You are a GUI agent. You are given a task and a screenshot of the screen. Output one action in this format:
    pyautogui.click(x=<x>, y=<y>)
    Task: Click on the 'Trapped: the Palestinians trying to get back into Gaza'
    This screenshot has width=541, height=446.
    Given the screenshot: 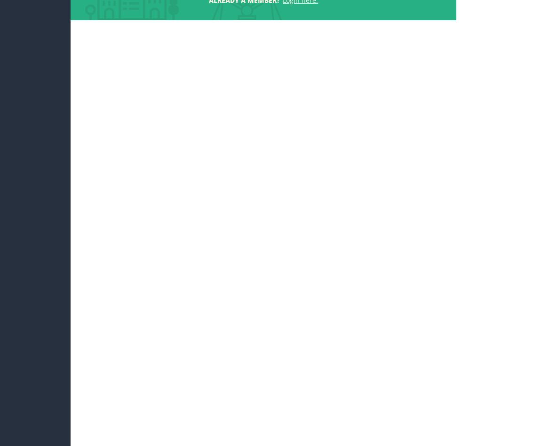 What is the action you would take?
    pyautogui.click(x=402, y=178)
    